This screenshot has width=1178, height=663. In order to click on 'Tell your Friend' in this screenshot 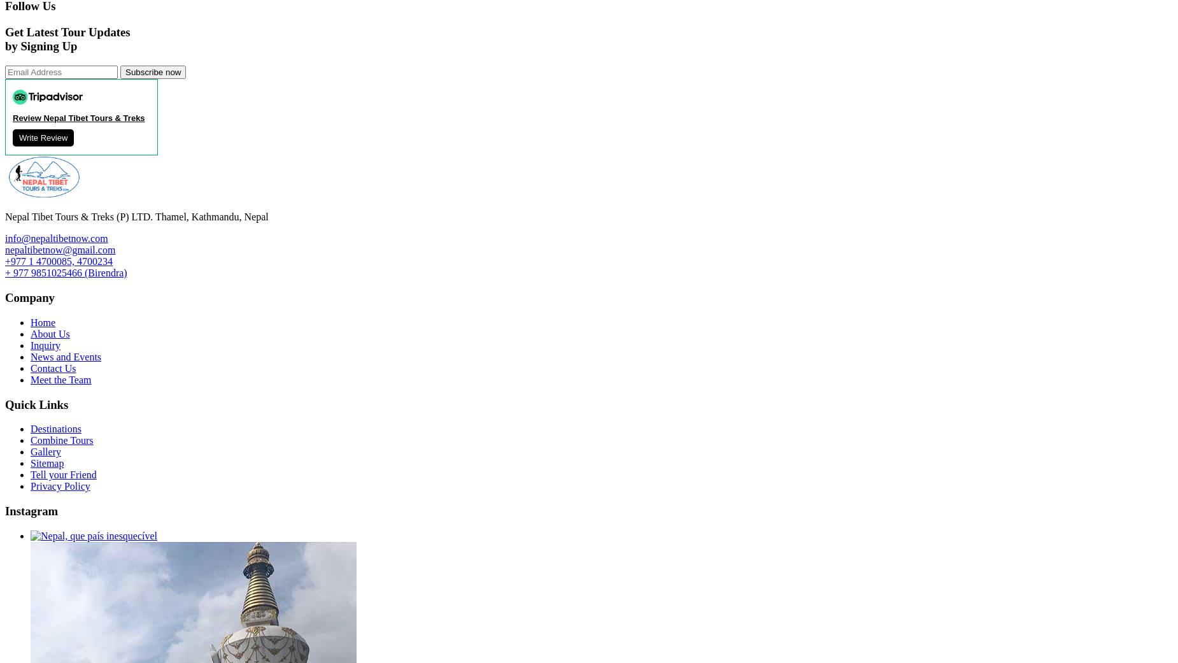, I will do `click(62, 474)`.